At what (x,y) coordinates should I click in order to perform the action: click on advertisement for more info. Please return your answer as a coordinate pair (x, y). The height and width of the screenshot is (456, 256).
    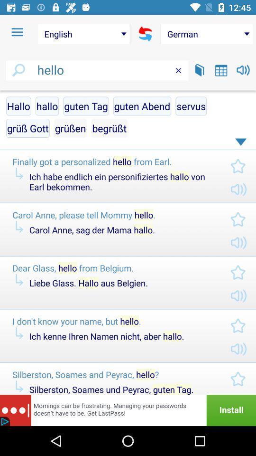
    Looking at the image, I should click on (128, 410).